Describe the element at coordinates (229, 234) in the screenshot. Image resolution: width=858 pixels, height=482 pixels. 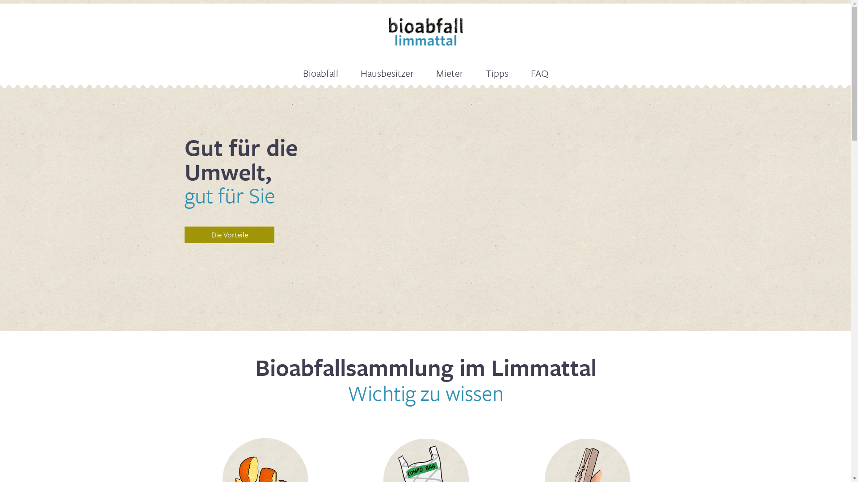
I see `'Die Vorteile'` at that location.